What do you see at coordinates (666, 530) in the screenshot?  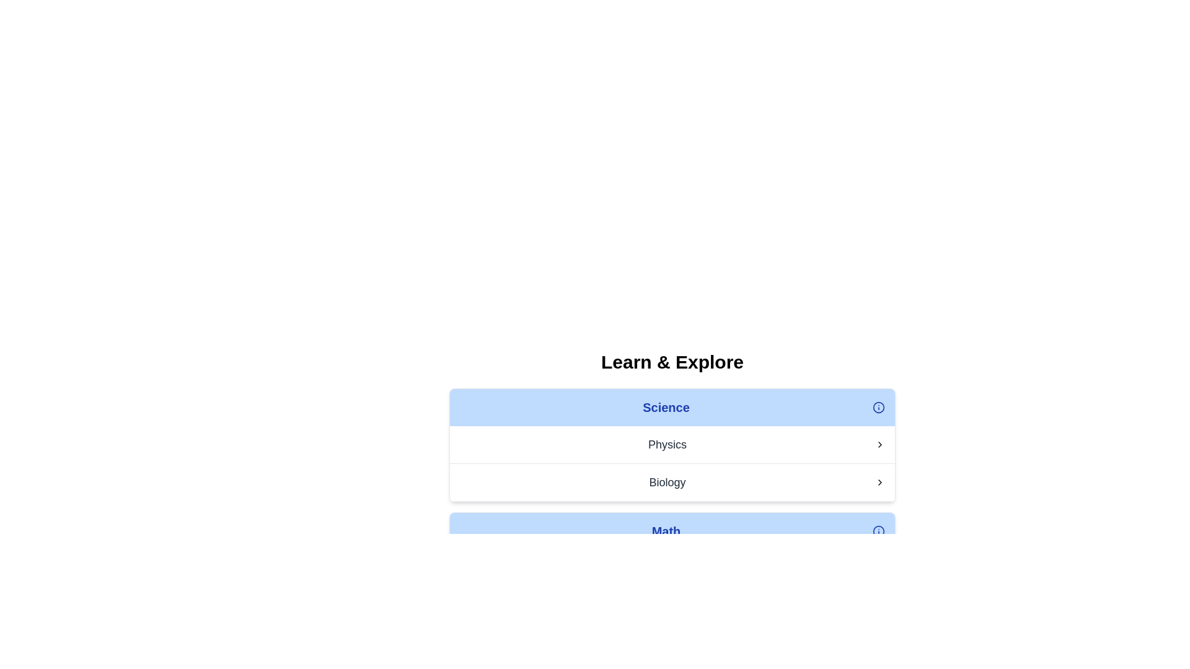 I see `text label displaying the word 'Math', which is styled in bold dark blue font on a light blue background, located in the last row of the 'Learn & Explore' section` at bounding box center [666, 530].